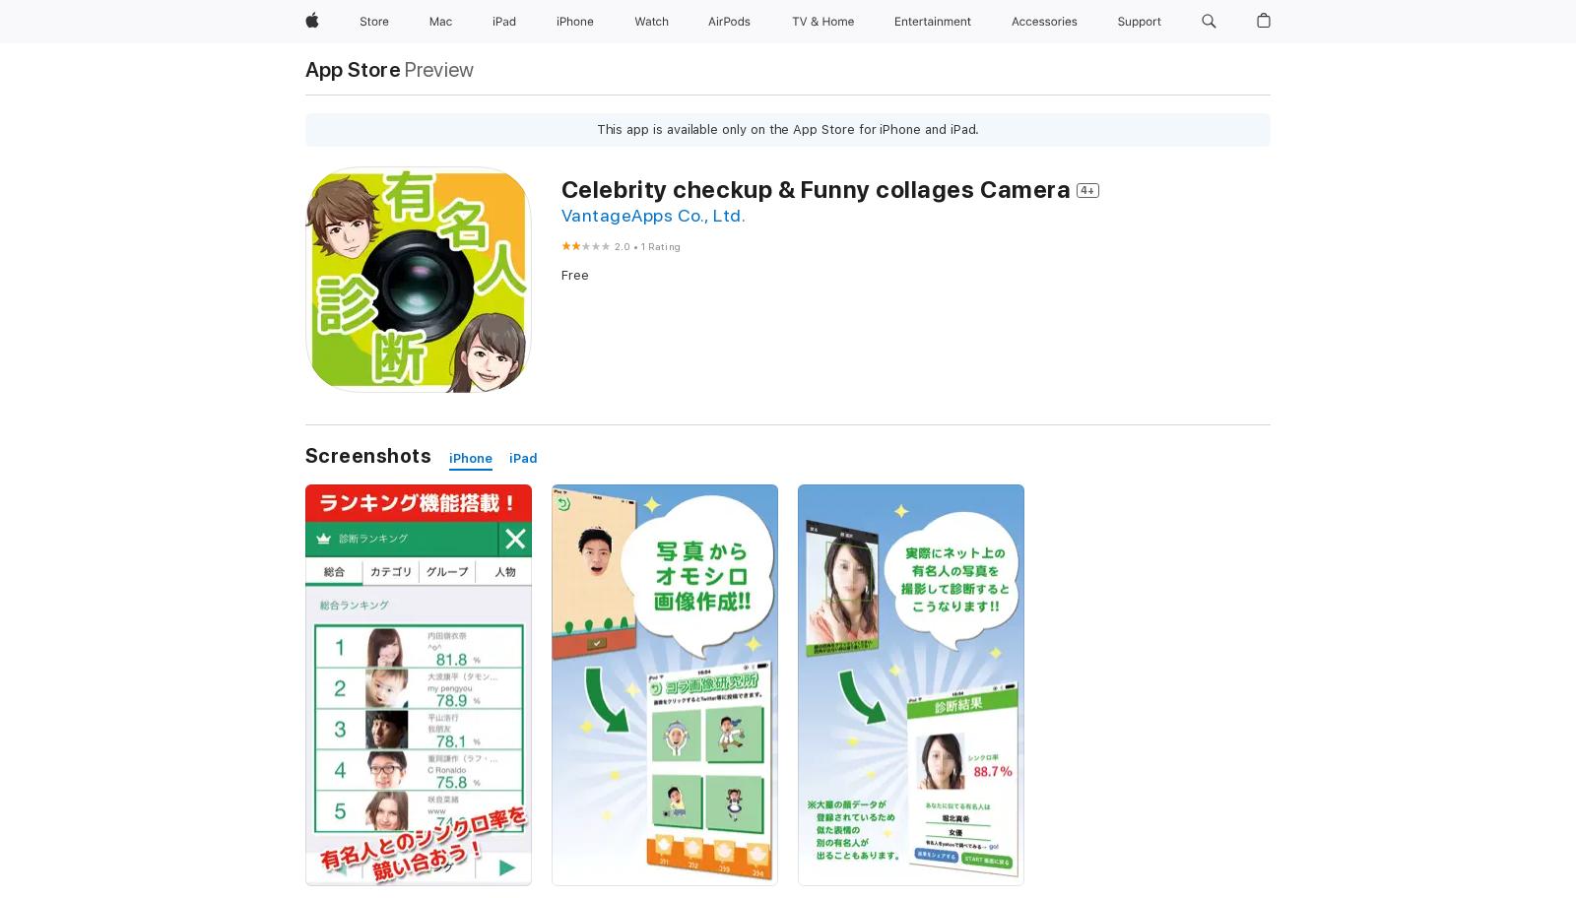  Describe the element at coordinates (573, 274) in the screenshot. I see `'Free'` at that location.